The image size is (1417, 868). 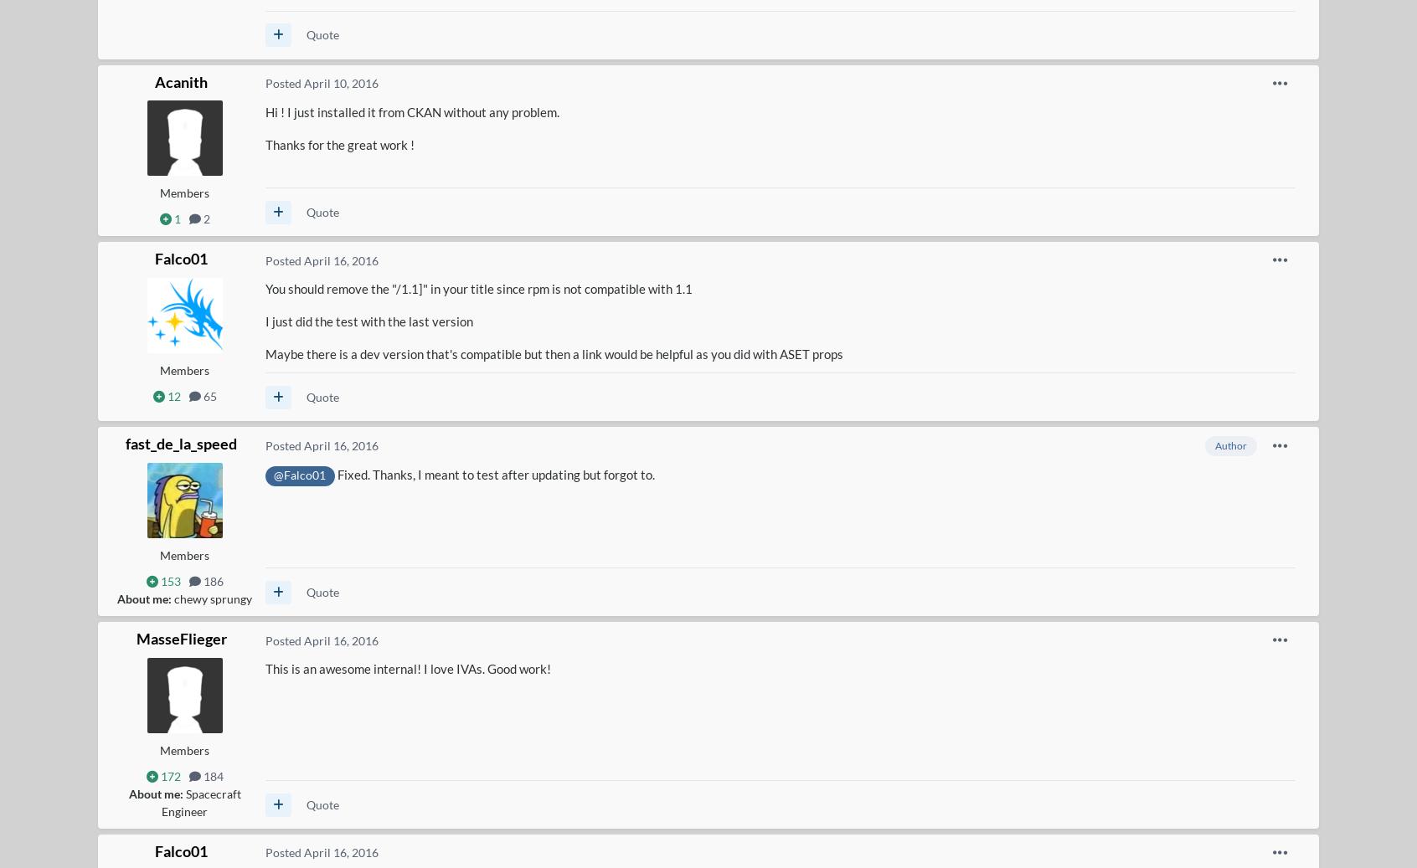 What do you see at coordinates (208, 395) in the screenshot?
I see `'65'` at bounding box center [208, 395].